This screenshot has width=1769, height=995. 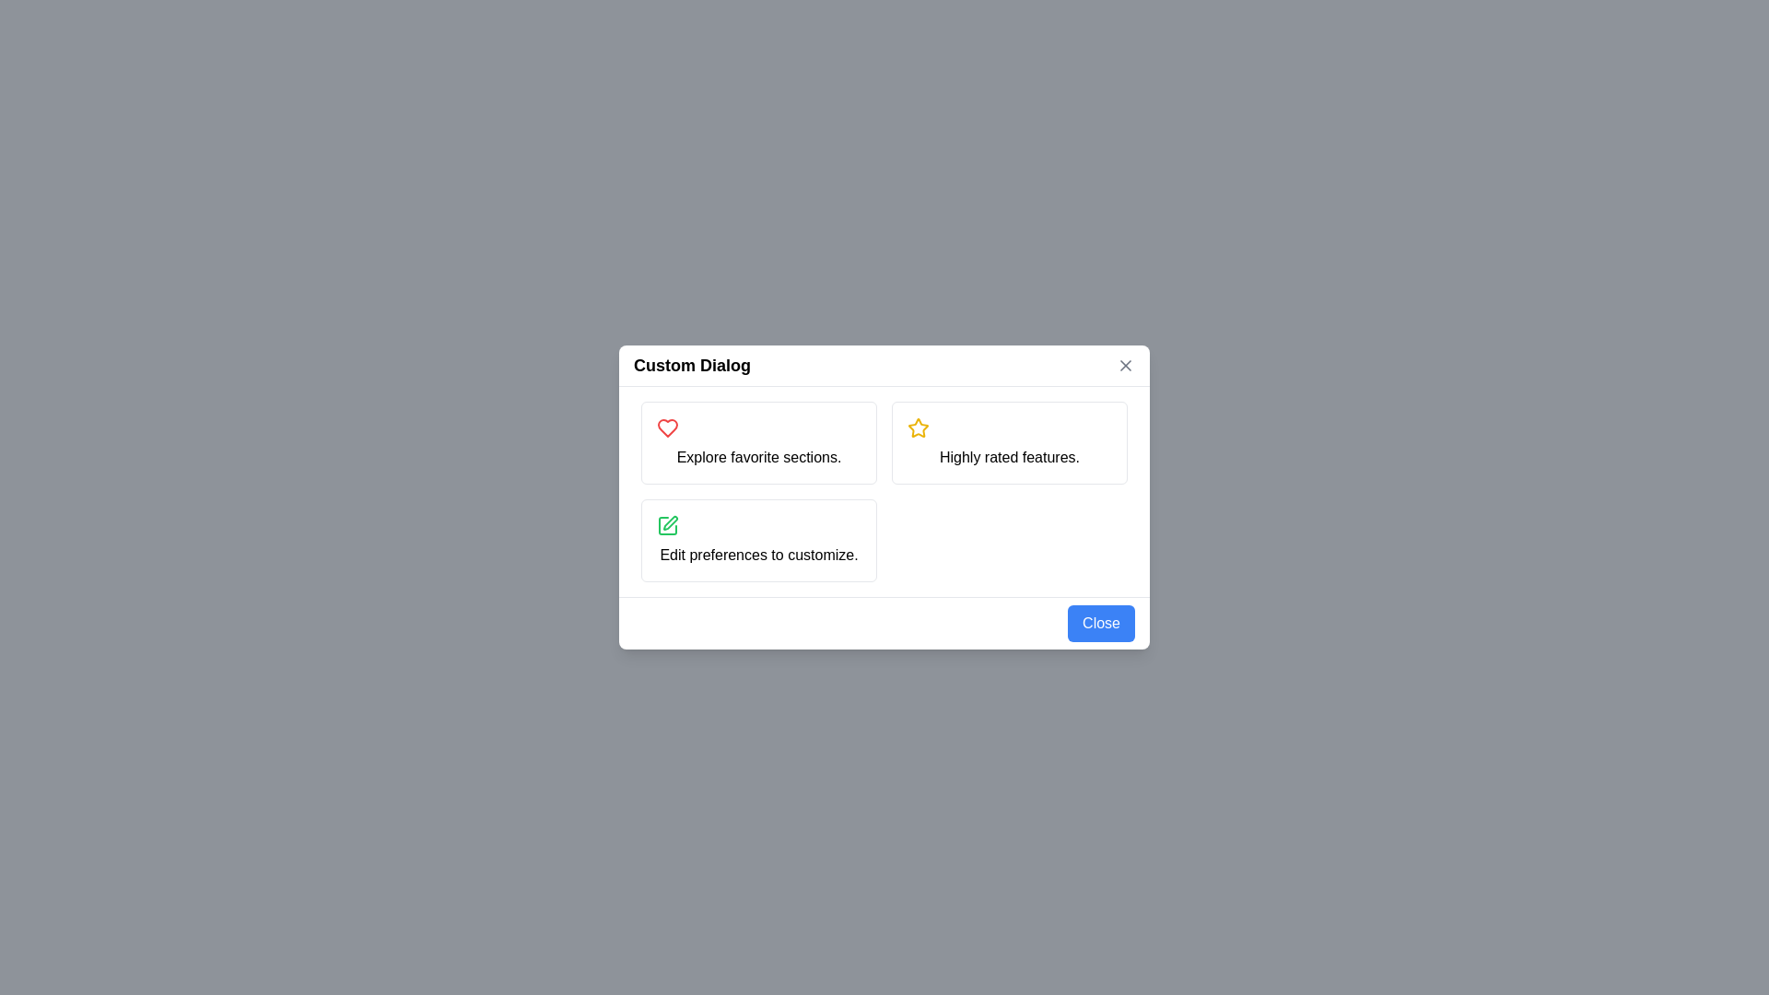 What do you see at coordinates (919, 427) in the screenshot?
I see `the visual impact of the five-pointed star icon with a yellow outline and white fill, located in the second button of the modal dialog titled 'Custom Dialog'` at bounding box center [919, 427].